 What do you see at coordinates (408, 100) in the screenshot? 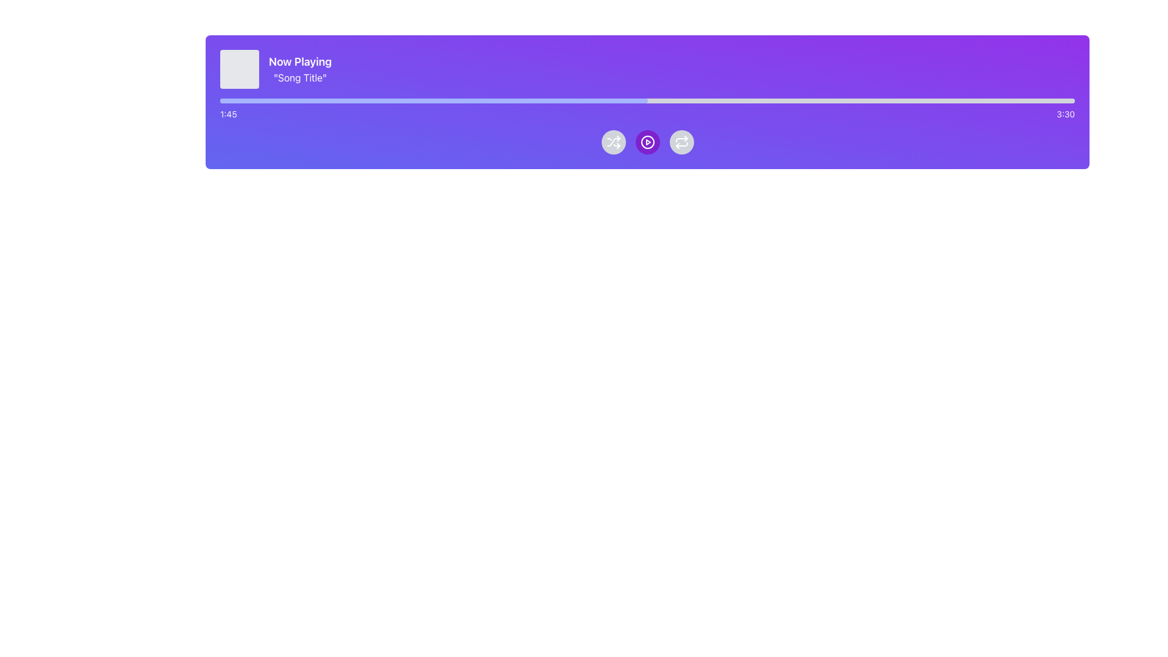
I see `playback progress` at bounding box center [408, 100].